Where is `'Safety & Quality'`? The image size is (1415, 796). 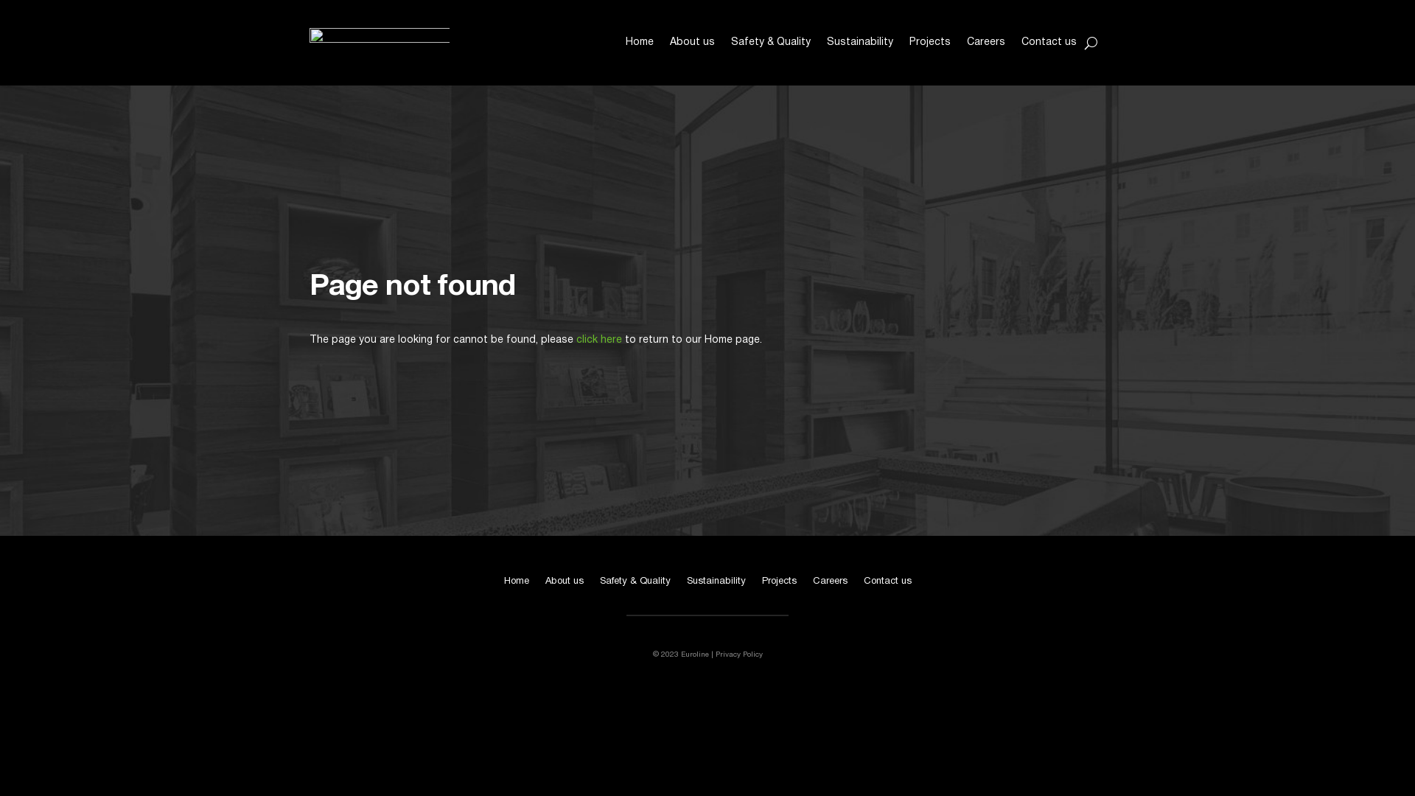
'Safety & Quality' is located at coordinates (770, 41).